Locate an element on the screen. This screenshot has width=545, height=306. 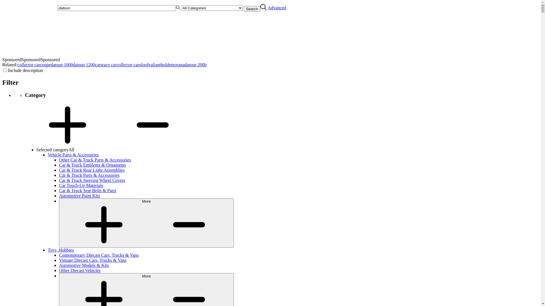
'Car & Truck Emblems & Ornaments' is located at coordinates (59, 165).